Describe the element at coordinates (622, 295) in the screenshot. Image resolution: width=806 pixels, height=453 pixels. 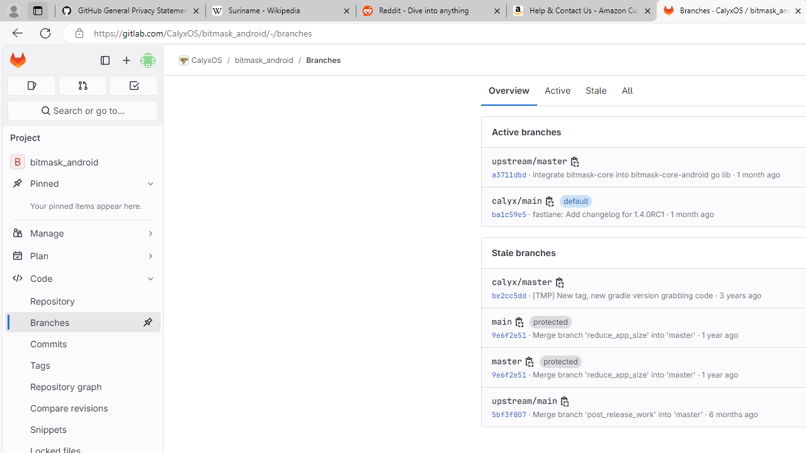
I see `'[TMP] New tag, new gradle version grabbing code'` at that location.